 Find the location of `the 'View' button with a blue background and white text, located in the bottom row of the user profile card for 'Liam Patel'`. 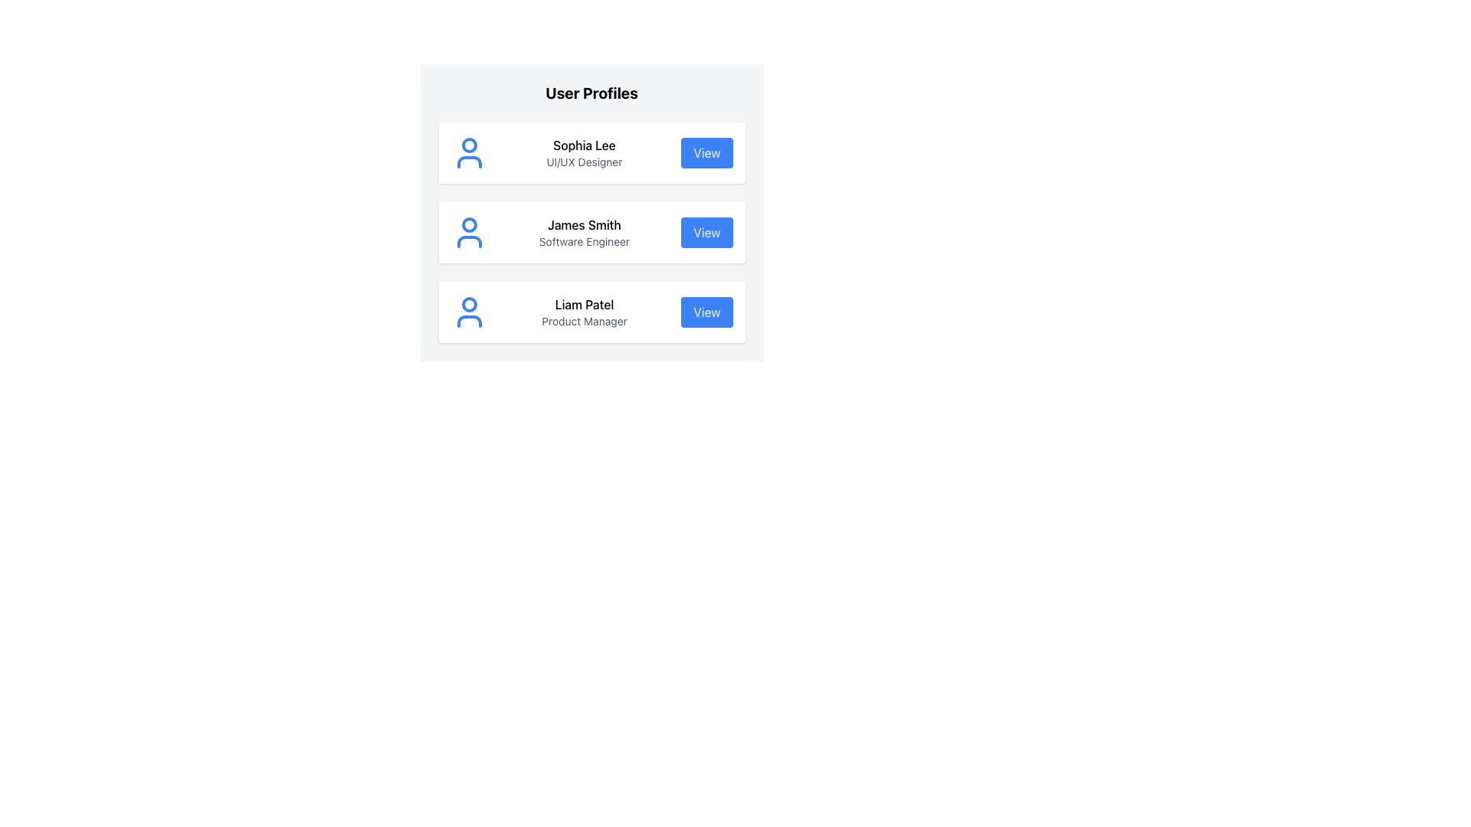

the 'View' button with a blue background and white text, located in the bottom row of the user profile card for 'Liam Patel' is located at coordinates (706, 312).